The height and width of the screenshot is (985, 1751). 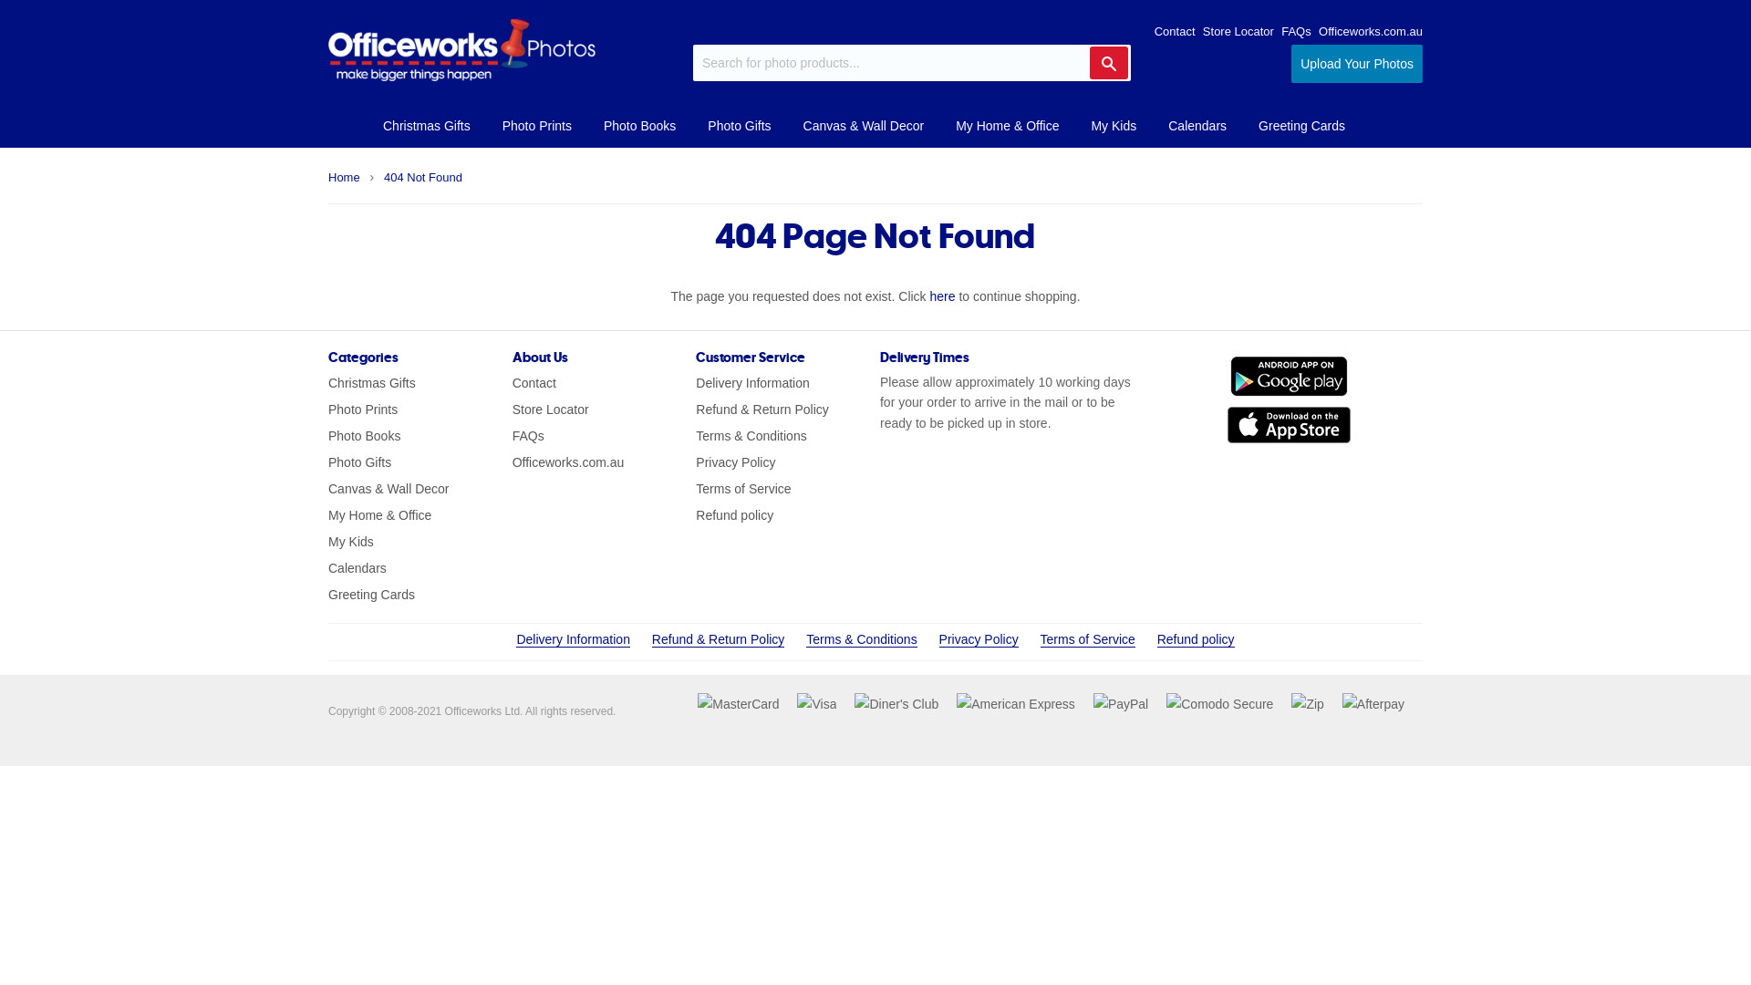 I want to click on 'Search', so click(x=1107, y=62).